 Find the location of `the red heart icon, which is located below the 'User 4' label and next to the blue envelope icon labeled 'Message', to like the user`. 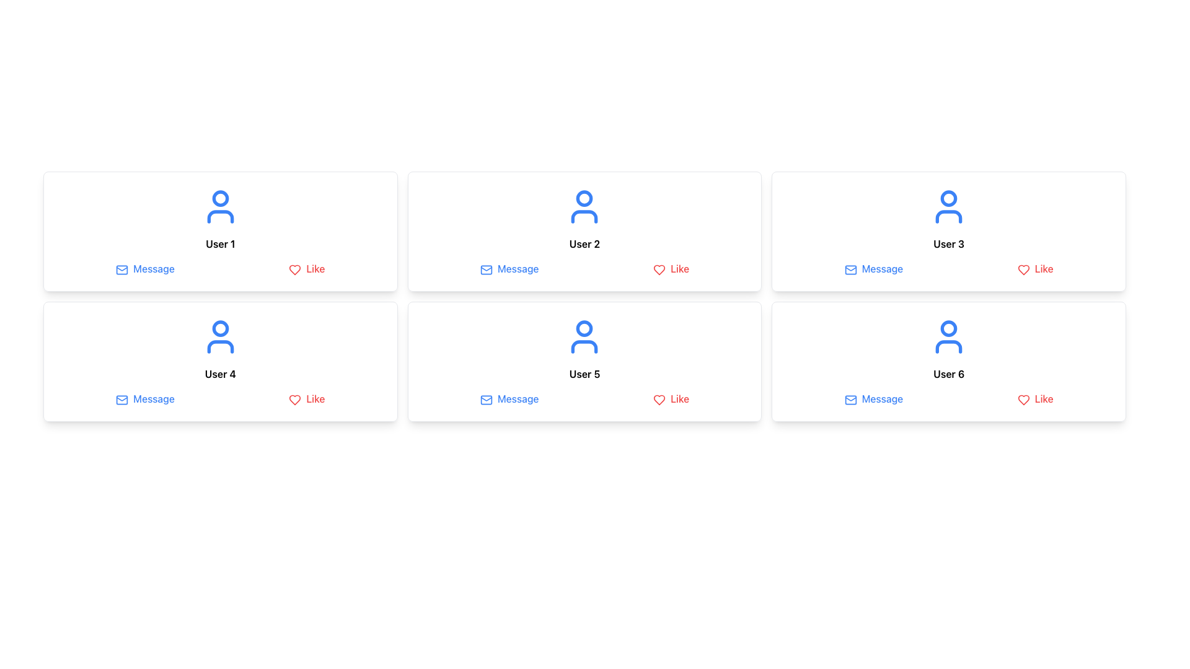

the red heart icon, which is located below the 'User 4' label and next to the blue envelope icon labeled 'Message', to like the user is located at coordinates (294, 400).